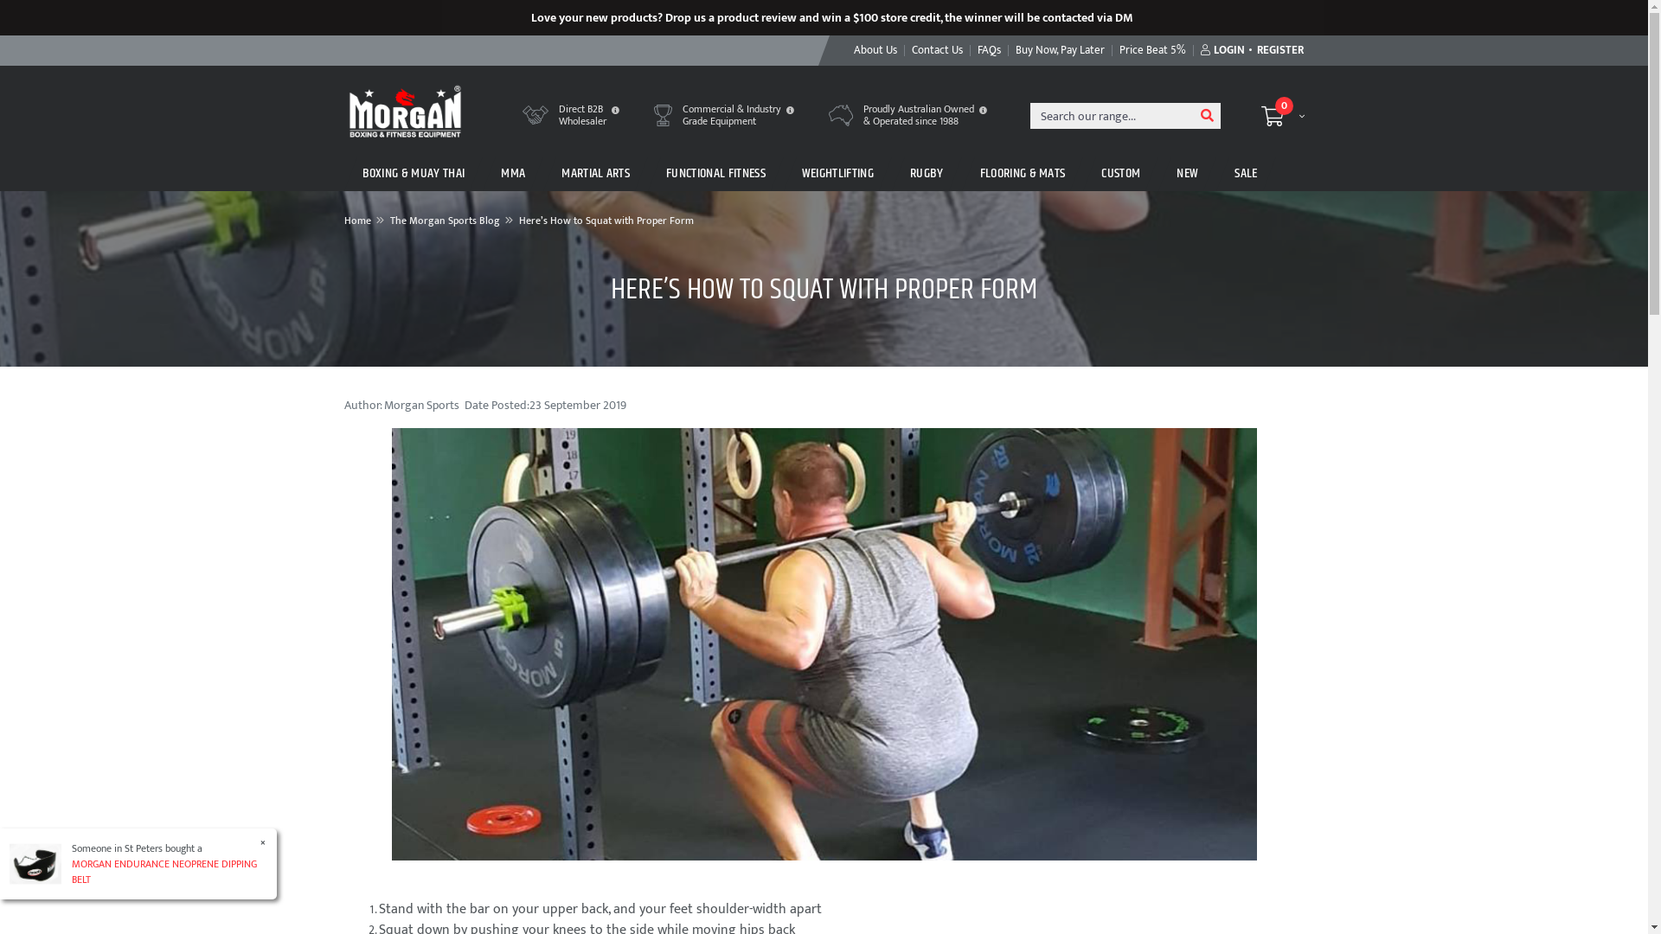 The width and height of the screenshot is (1661, 934). What do you see at coordinates (1246, 173) in the screenshot?
I see `'SALE'` at bounding box center [1246, 173].